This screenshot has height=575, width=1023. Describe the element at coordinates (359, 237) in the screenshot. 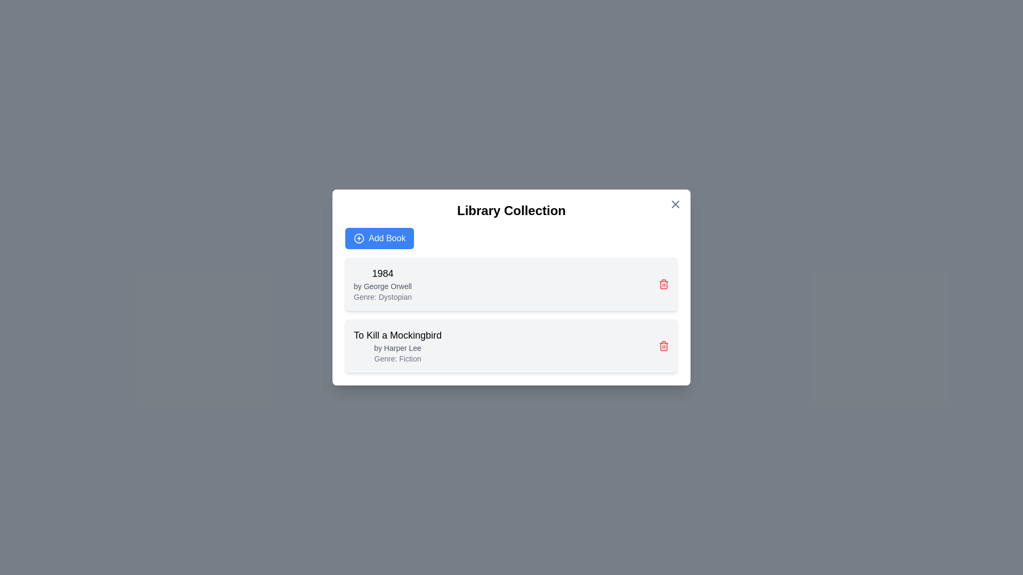

I see `the plus icon enclosed within a circle, located beside the 'Add Book' button` at that location.